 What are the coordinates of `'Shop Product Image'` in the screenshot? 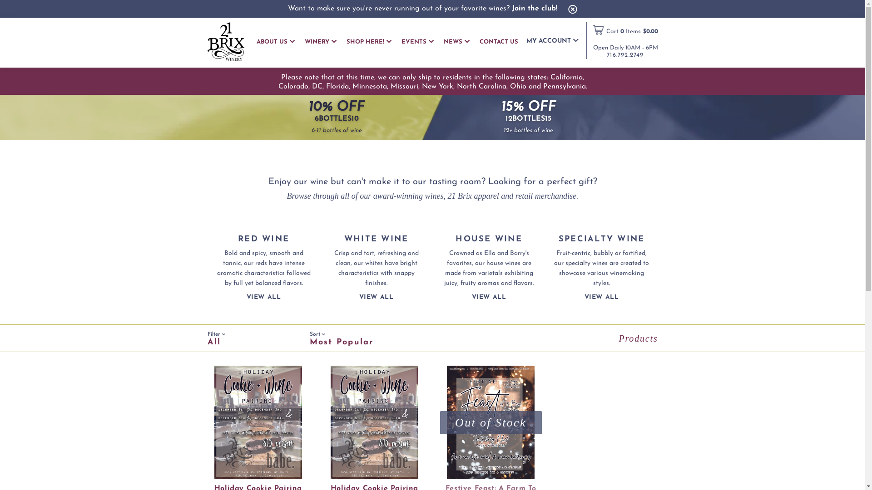 It's located at (257, 422).